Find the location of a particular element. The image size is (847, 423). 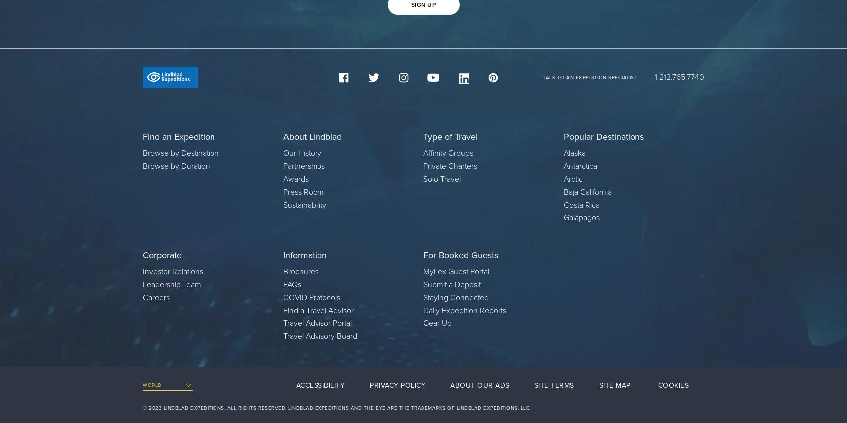

'Awards' is located at coordinates (296, 178).